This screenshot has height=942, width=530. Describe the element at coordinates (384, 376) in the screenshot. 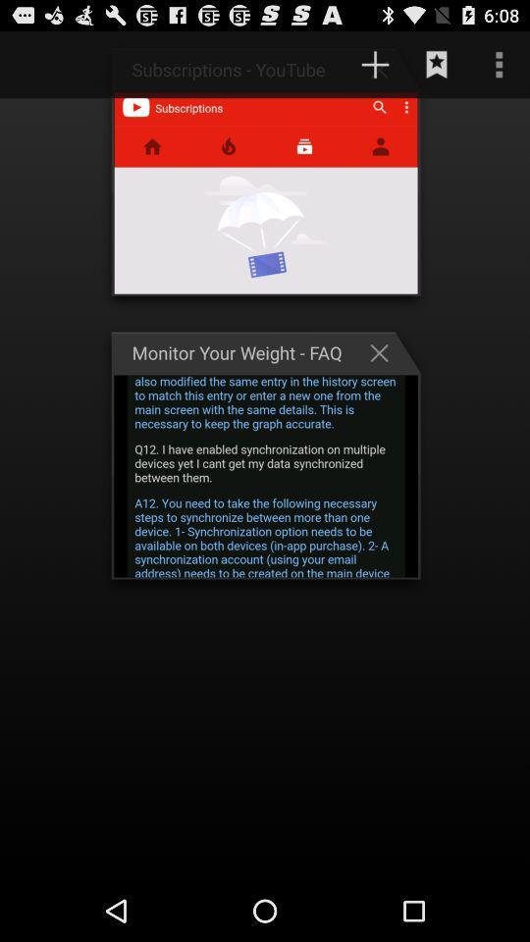

I see `the close icon` at that location.